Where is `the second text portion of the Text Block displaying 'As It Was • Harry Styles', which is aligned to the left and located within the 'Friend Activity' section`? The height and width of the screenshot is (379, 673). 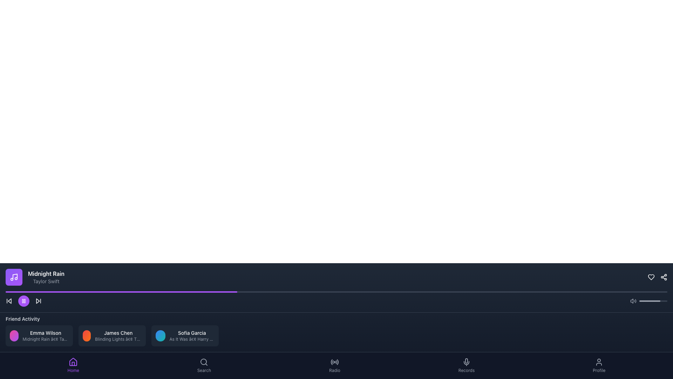
the second text portion of the Text Block displaying 'As It Was • Harry Styles', which is aligned to the left and located within the 'Friend Activity' section is located at coordinates (192, 335).